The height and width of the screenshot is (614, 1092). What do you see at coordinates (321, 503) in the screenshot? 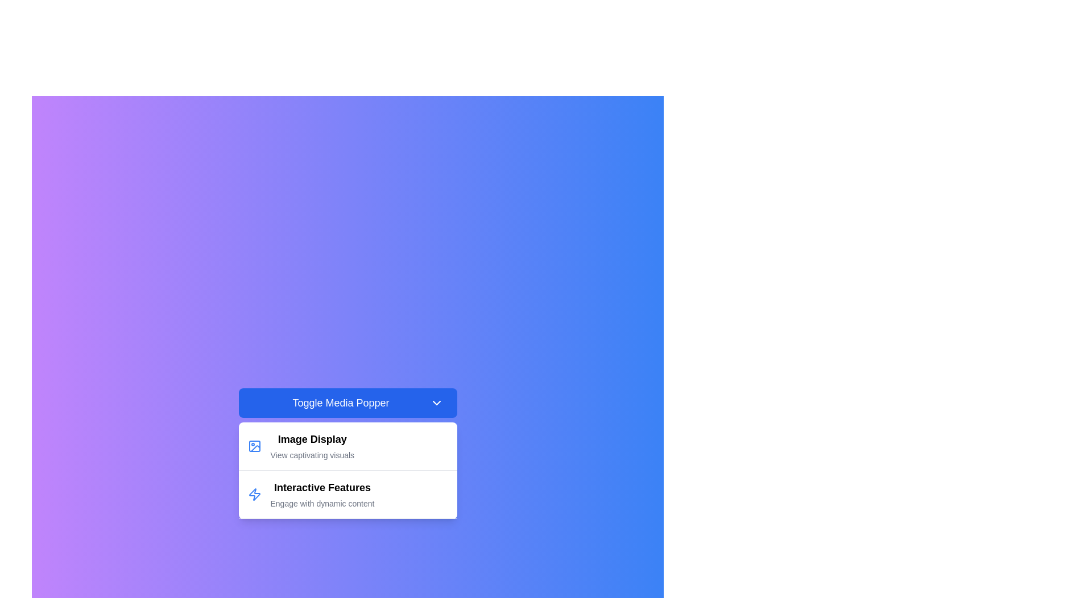
I see `the Text Label that displays supplementary descriptive text for the 'Interactive Features' section, located beneath the title 'Interactive Features' and horizontally centered` at bounding box center [321, 503].